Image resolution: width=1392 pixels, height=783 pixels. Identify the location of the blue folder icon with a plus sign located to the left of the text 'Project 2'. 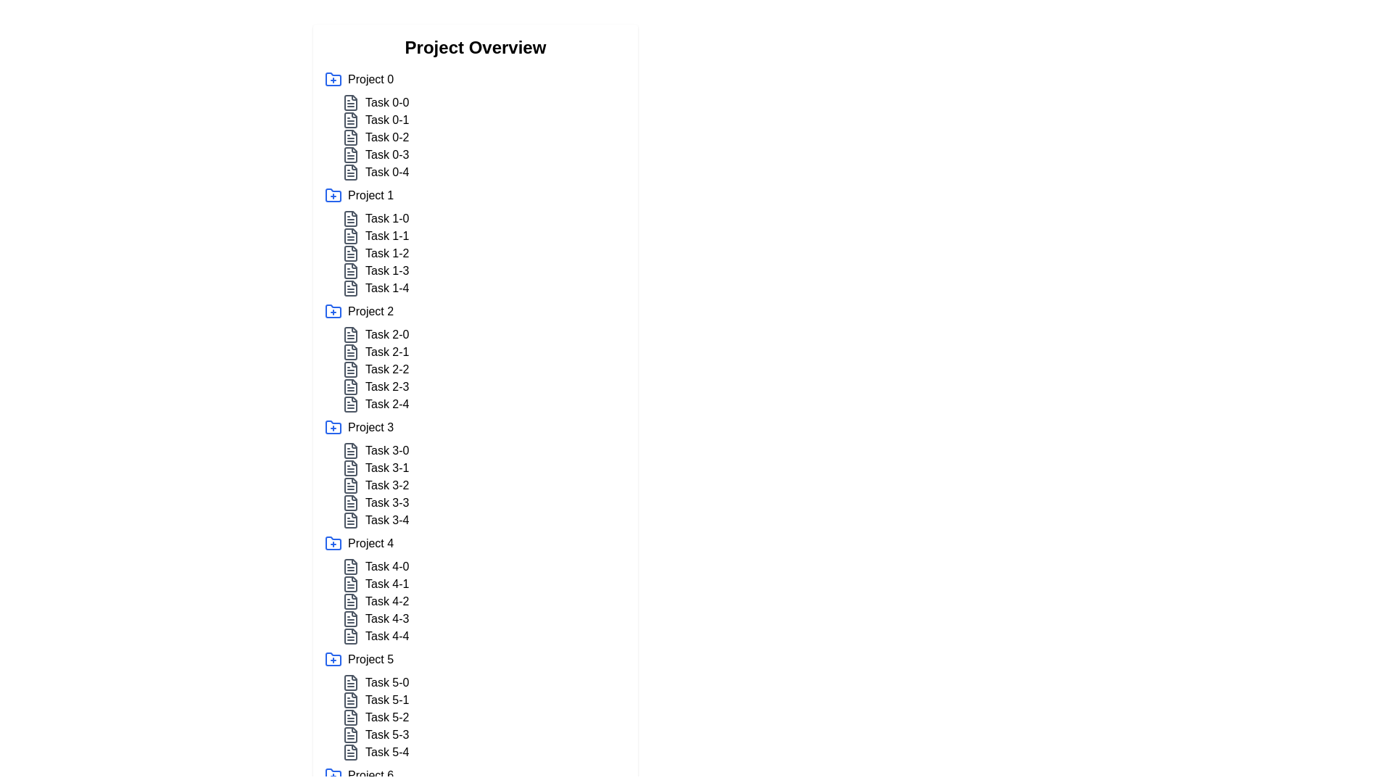
(333, 310).